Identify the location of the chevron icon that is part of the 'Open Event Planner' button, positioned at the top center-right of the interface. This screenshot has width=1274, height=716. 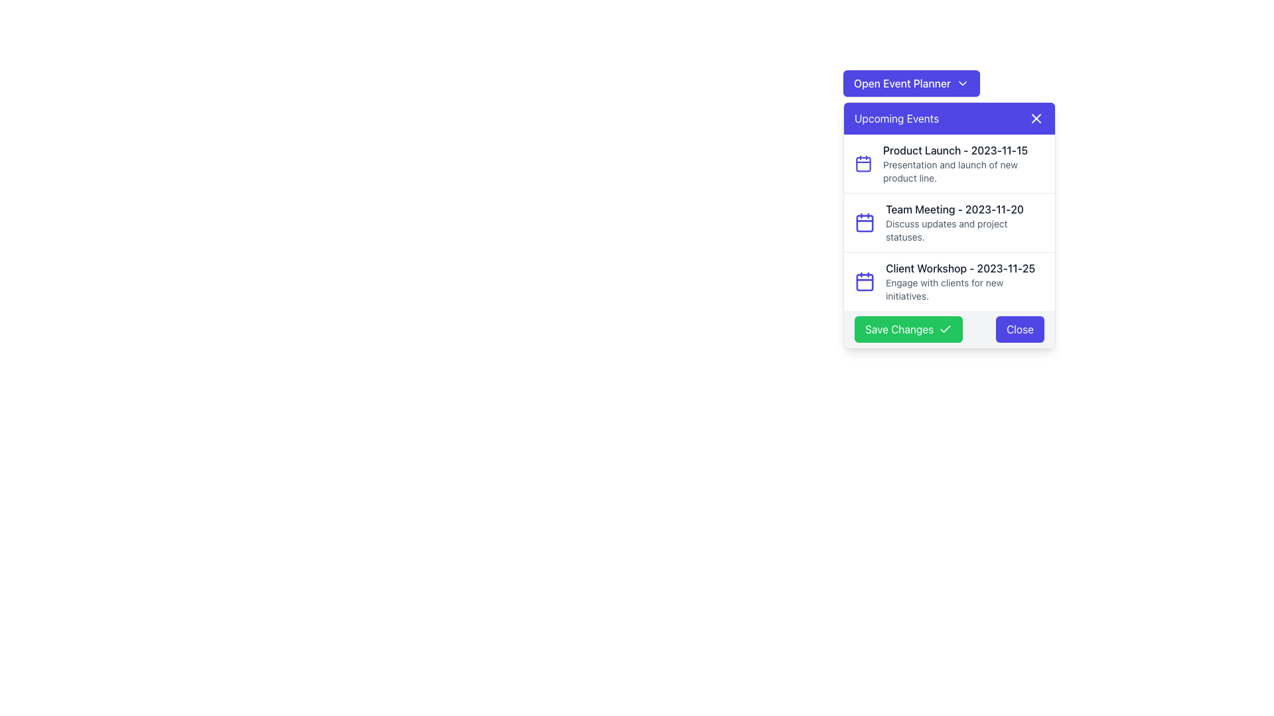
(962, 84).